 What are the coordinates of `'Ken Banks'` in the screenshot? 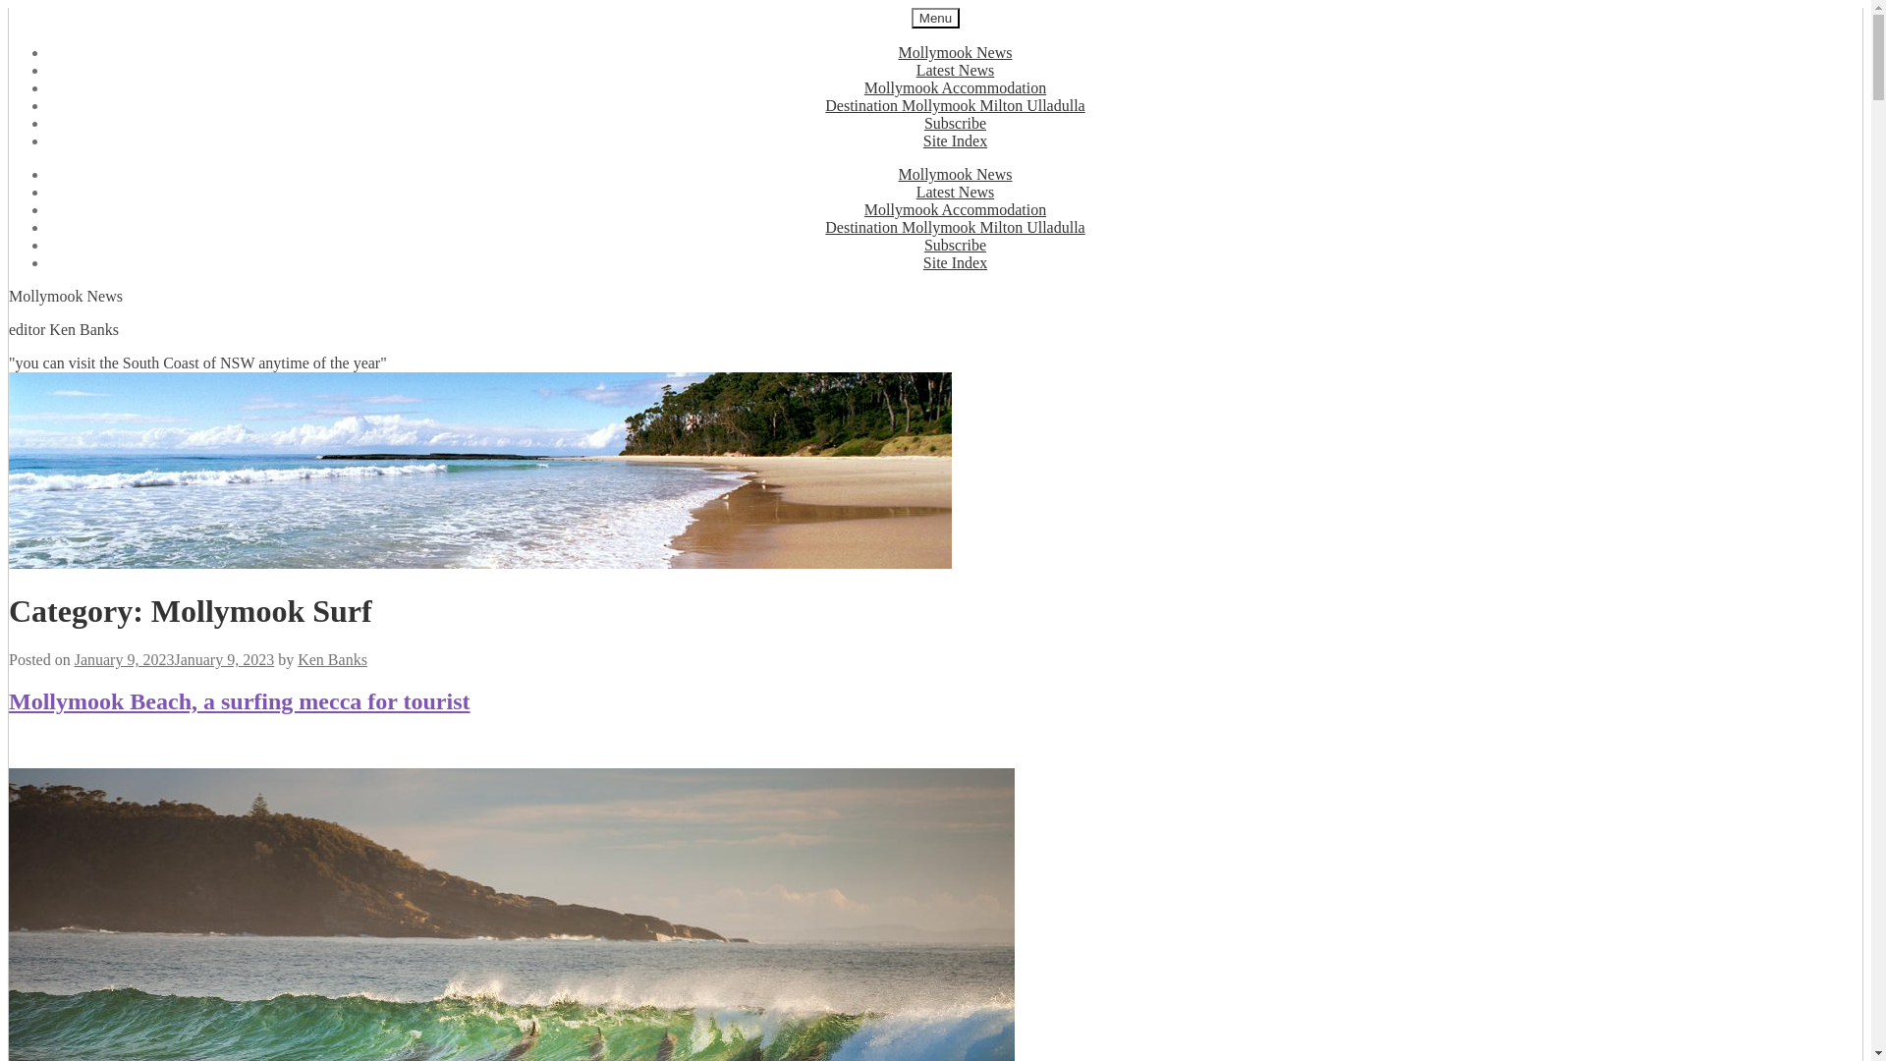 It's located at (332, 659).